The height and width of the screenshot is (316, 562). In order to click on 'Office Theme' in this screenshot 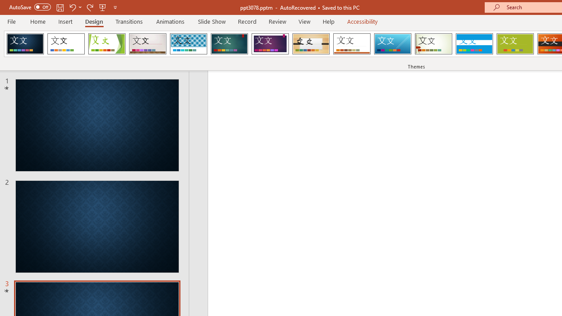, I will do `click(65, 44)`.